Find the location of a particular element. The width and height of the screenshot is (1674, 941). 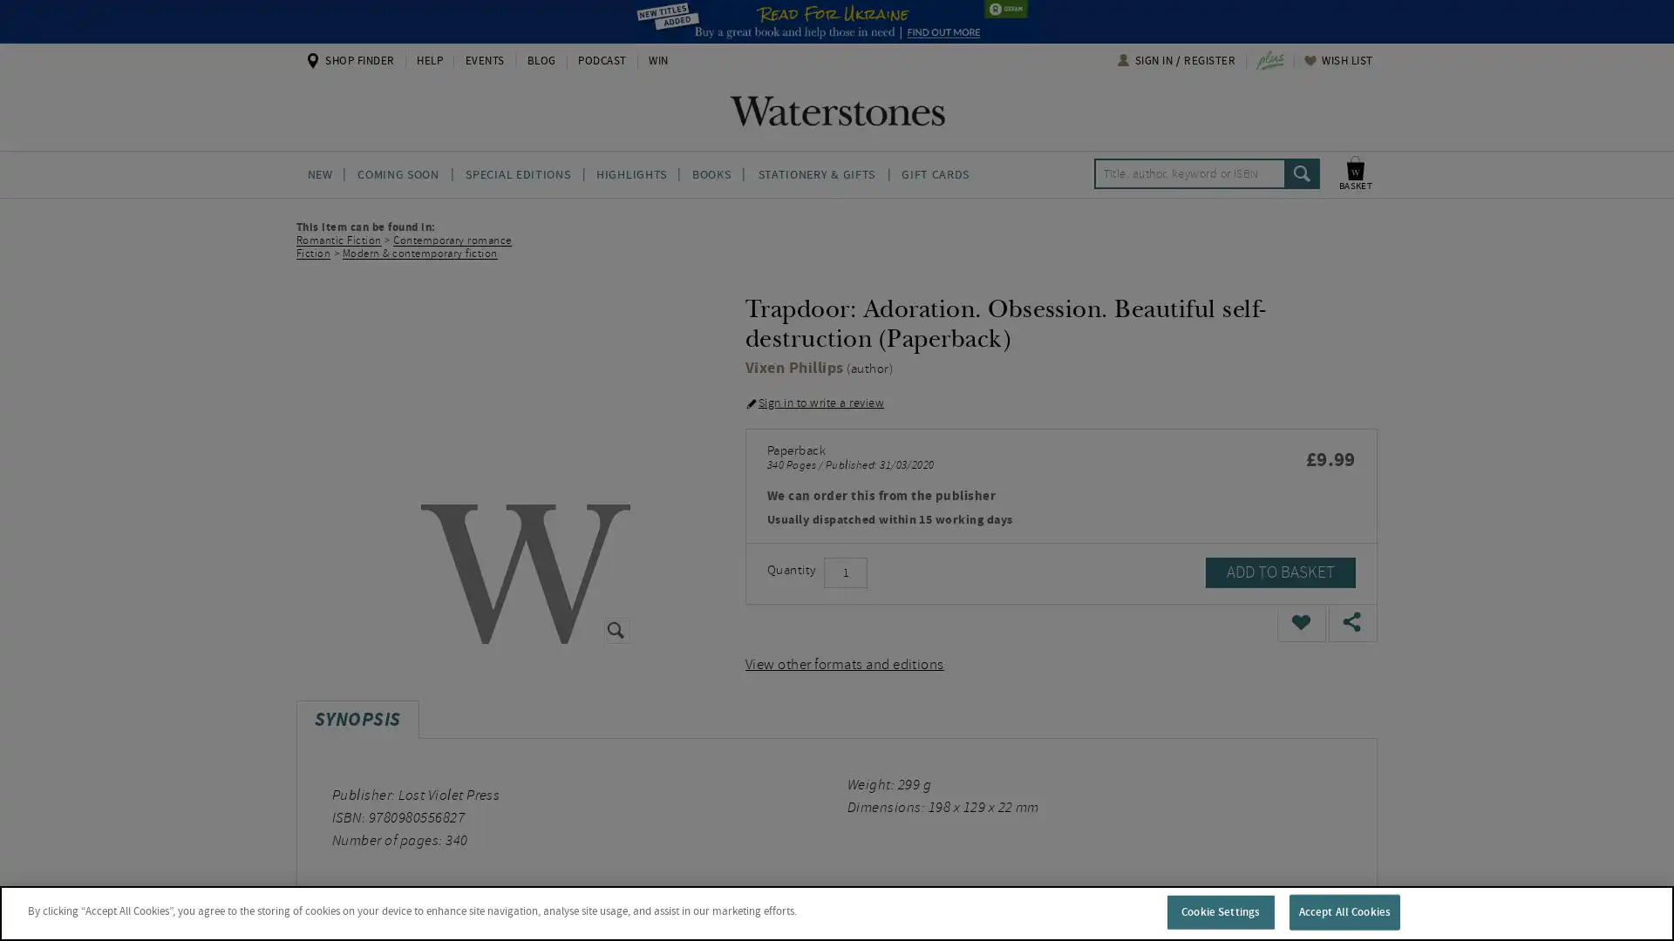

ADD TO BASKET is located at coordinates (1280, 572).